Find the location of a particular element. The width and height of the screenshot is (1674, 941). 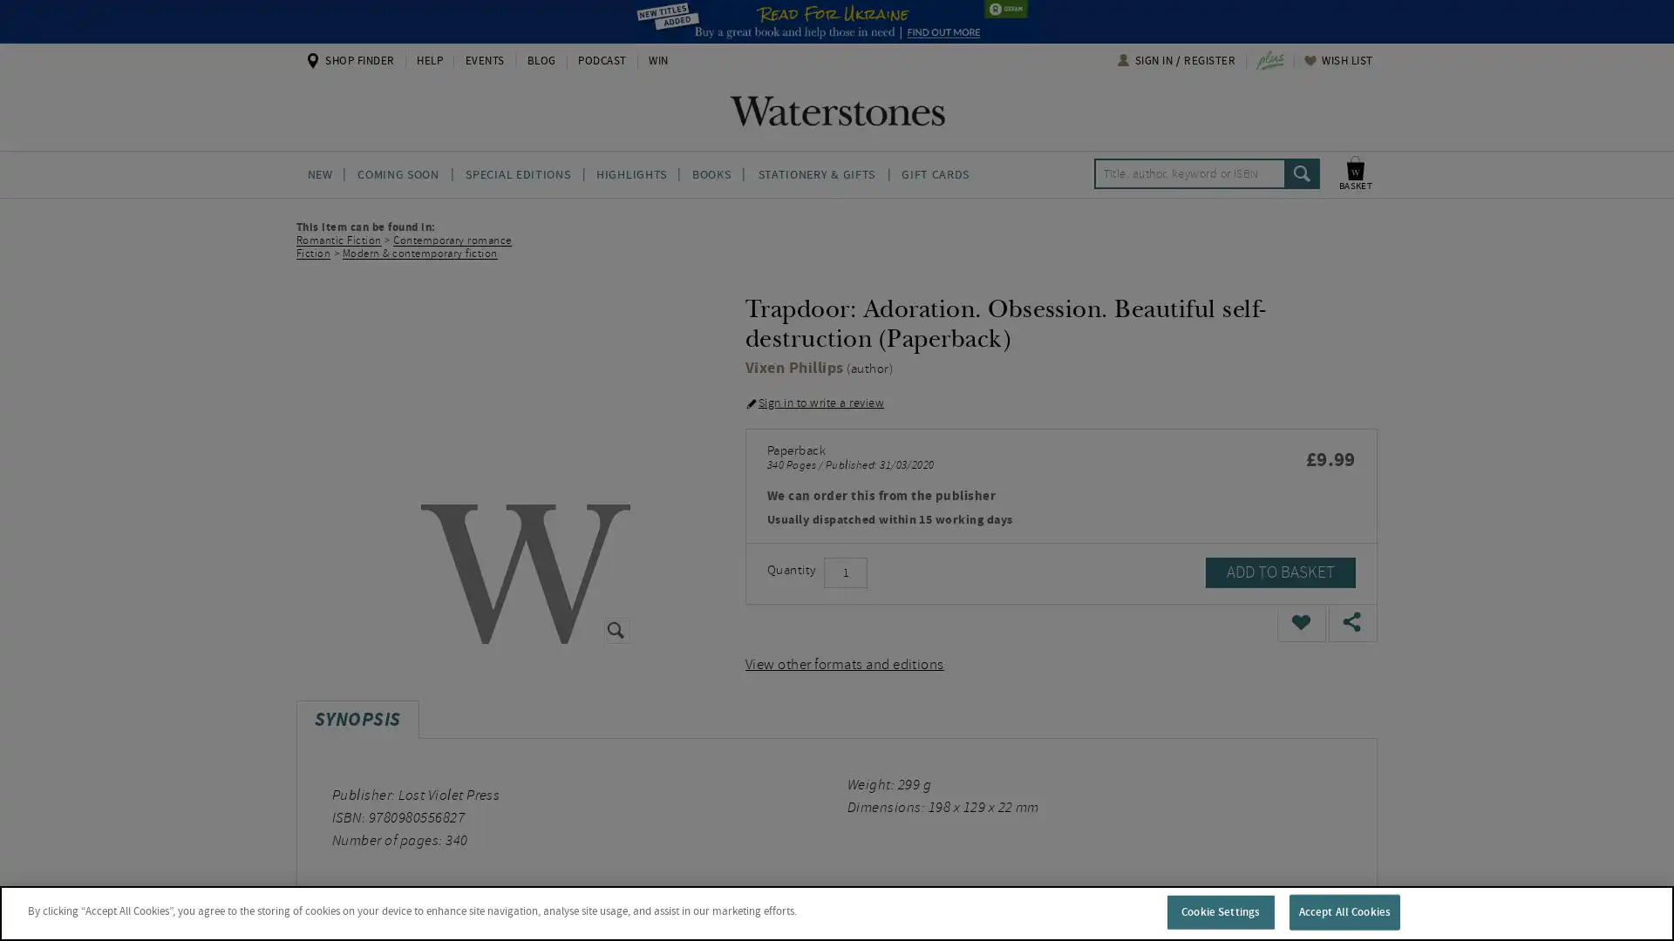

ADD TO BASKET is located at coordinates (1280, 572).